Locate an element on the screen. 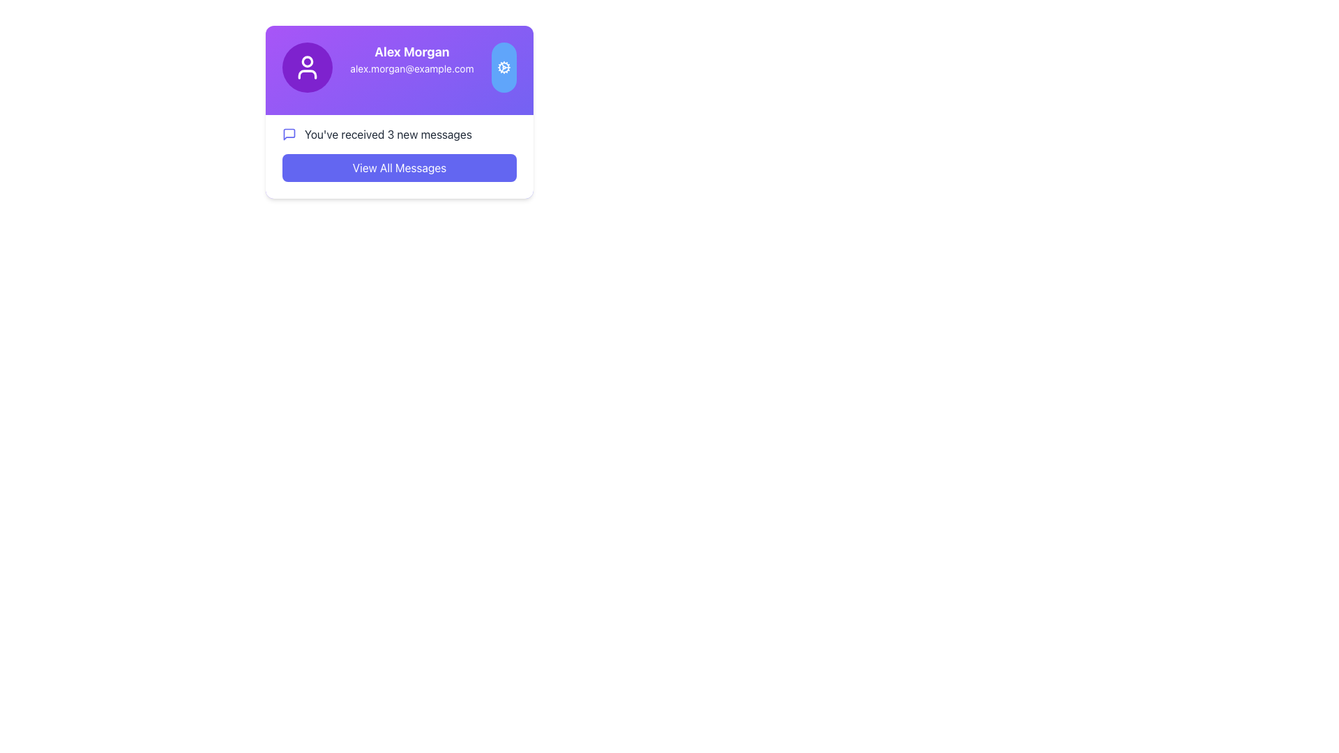 This screenshot has height=753, width=1339. notification message that states 'You've received 3 new messages' located at the center of the notification element is located at coordinates (398, 134).